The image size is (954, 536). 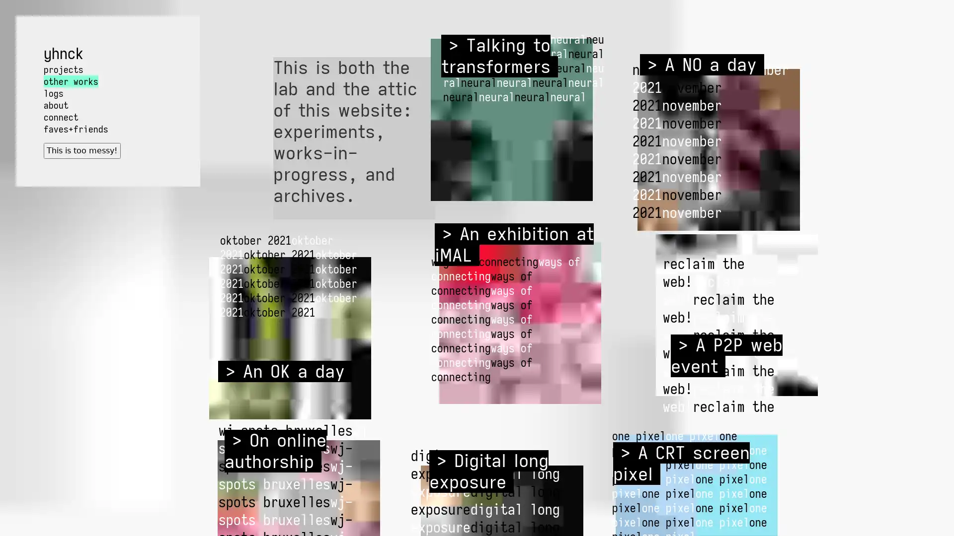 What do you see at coordinates (81, 150) in the screenshot?
I see `This is too messy!` at bounding box center [81, 150].